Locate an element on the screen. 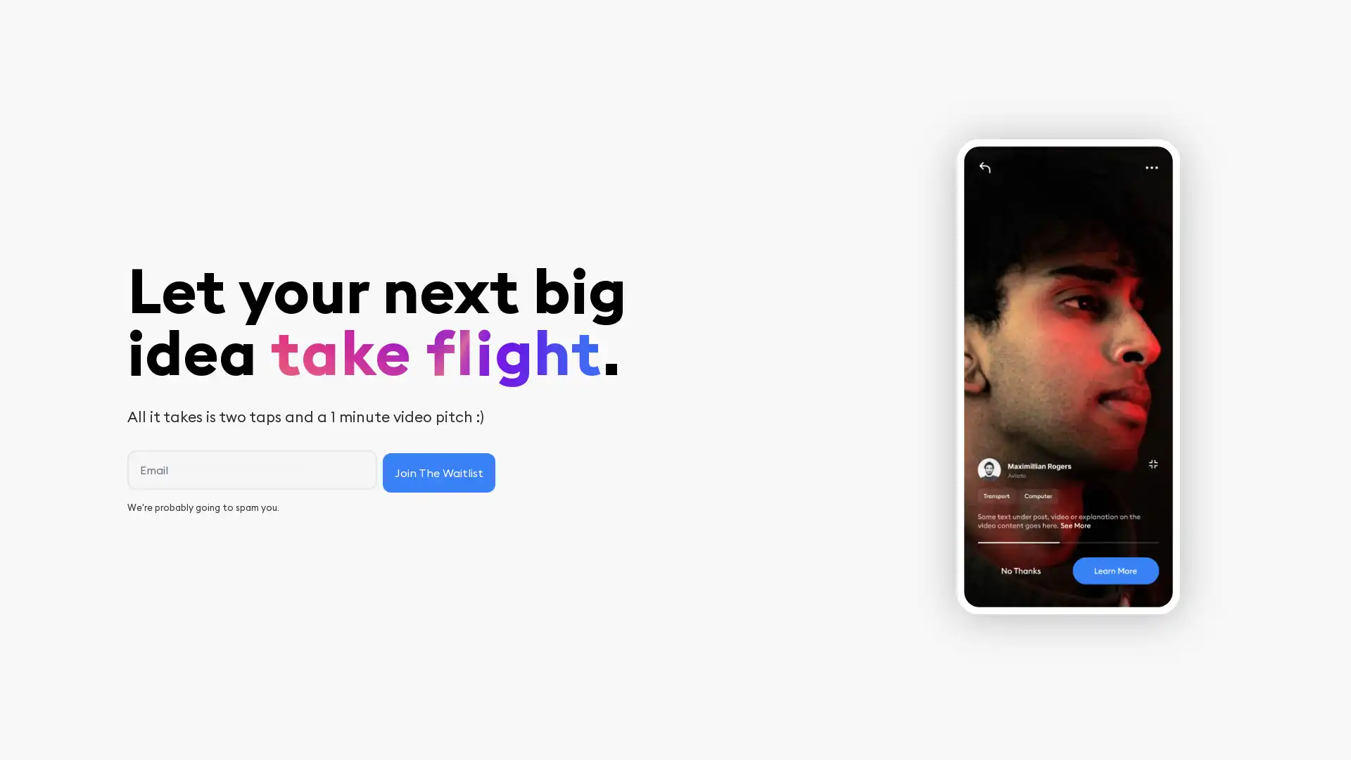 The height and width of the screenshot is (760, 1351). Join The Waitlist is located at coordinates (444, 469).